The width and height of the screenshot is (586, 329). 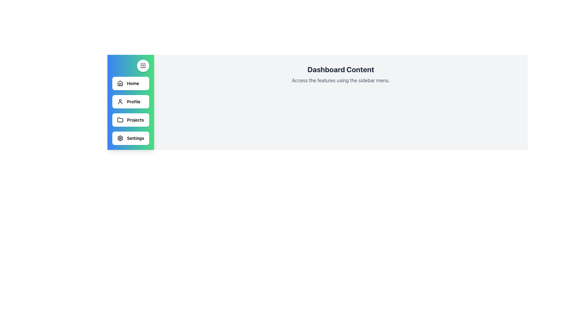 I want to click on the folder icon representing the Projects section in the sidebar menu, so click(x=120, y=120).